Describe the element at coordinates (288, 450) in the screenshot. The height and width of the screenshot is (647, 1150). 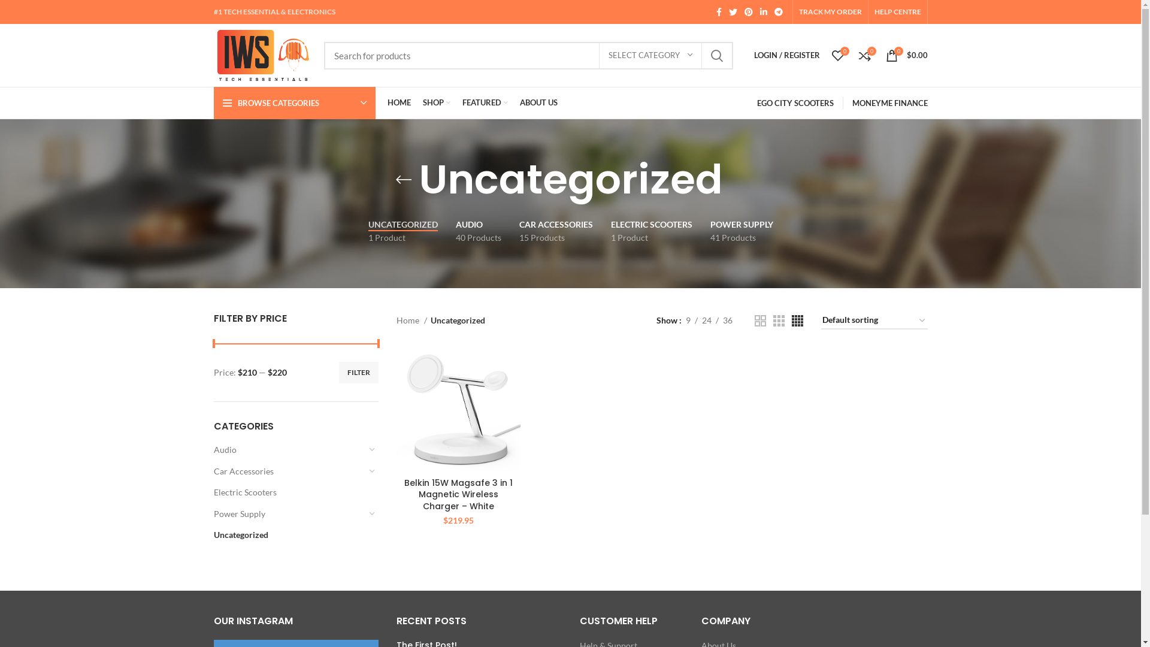
I see `'Audio'` at that location.